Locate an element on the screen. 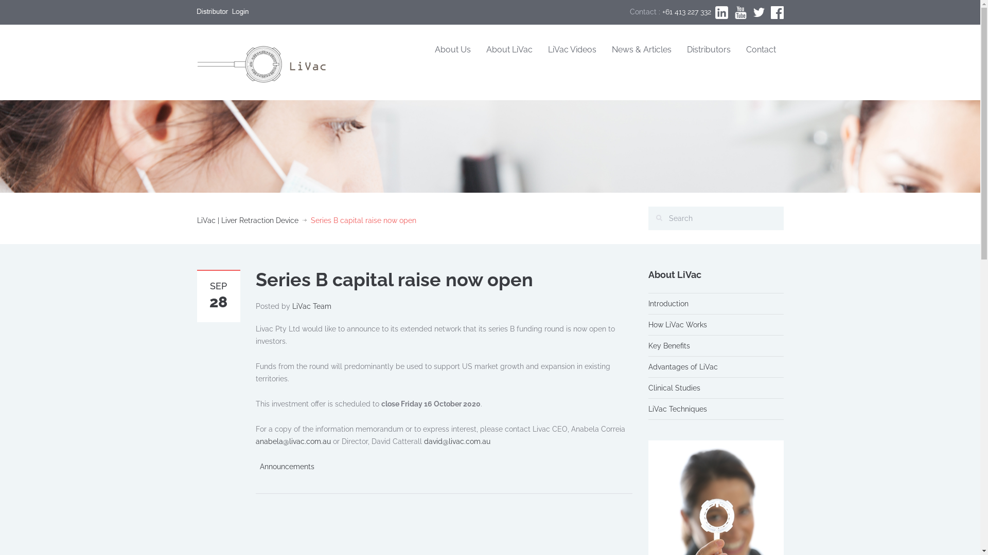 This screenshot has height=555, width=988. 'david@livac.com.au' is located at coordinates (424, 441).